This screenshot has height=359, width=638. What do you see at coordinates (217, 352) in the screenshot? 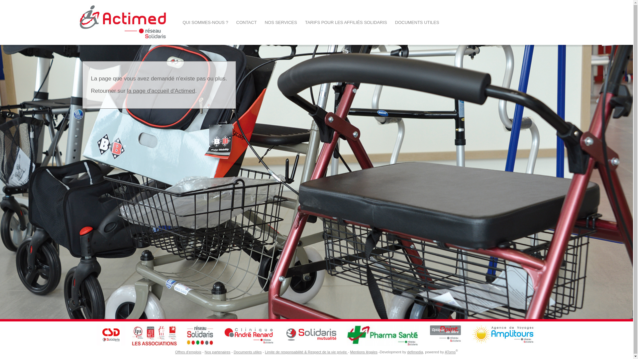
I see `'Nos partenaires'` at bounding box center [217, 352].